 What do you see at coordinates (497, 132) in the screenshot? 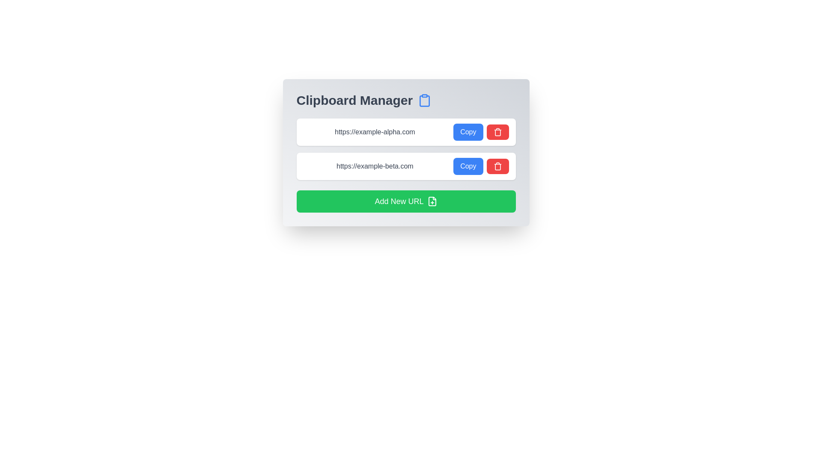
I see `the trash bin icon within the red circular button` at bounding box center [497, 132].